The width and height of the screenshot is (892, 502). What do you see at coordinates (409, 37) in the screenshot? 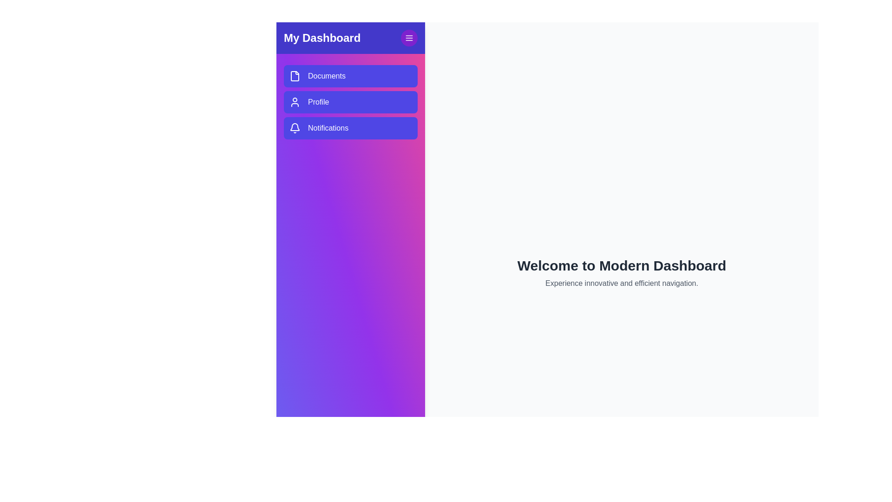
I see `button in the top right corner of the drawer to toggle its visibility` at bounding box center [409, 37].